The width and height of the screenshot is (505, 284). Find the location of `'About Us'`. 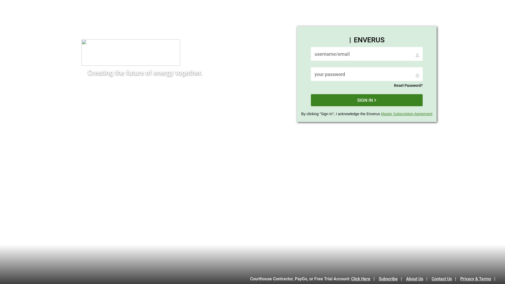

'About Us' is located at coordinates (406, 278).